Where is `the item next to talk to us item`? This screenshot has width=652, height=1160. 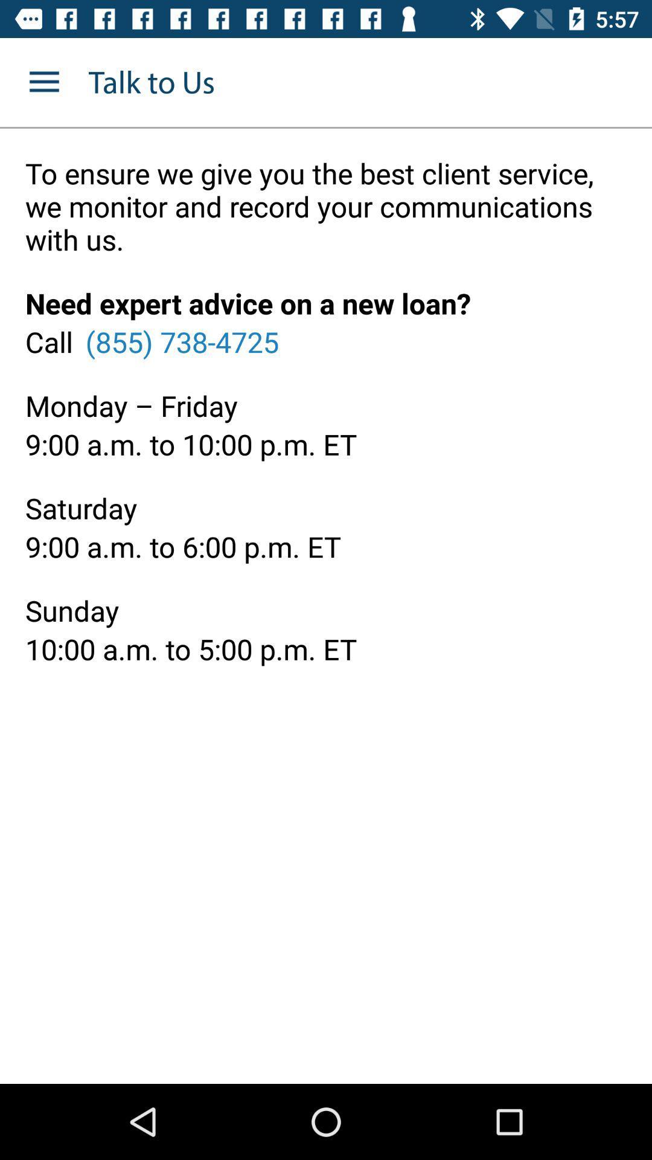 the item next to talk to us item is located at coordinates (43, 82).